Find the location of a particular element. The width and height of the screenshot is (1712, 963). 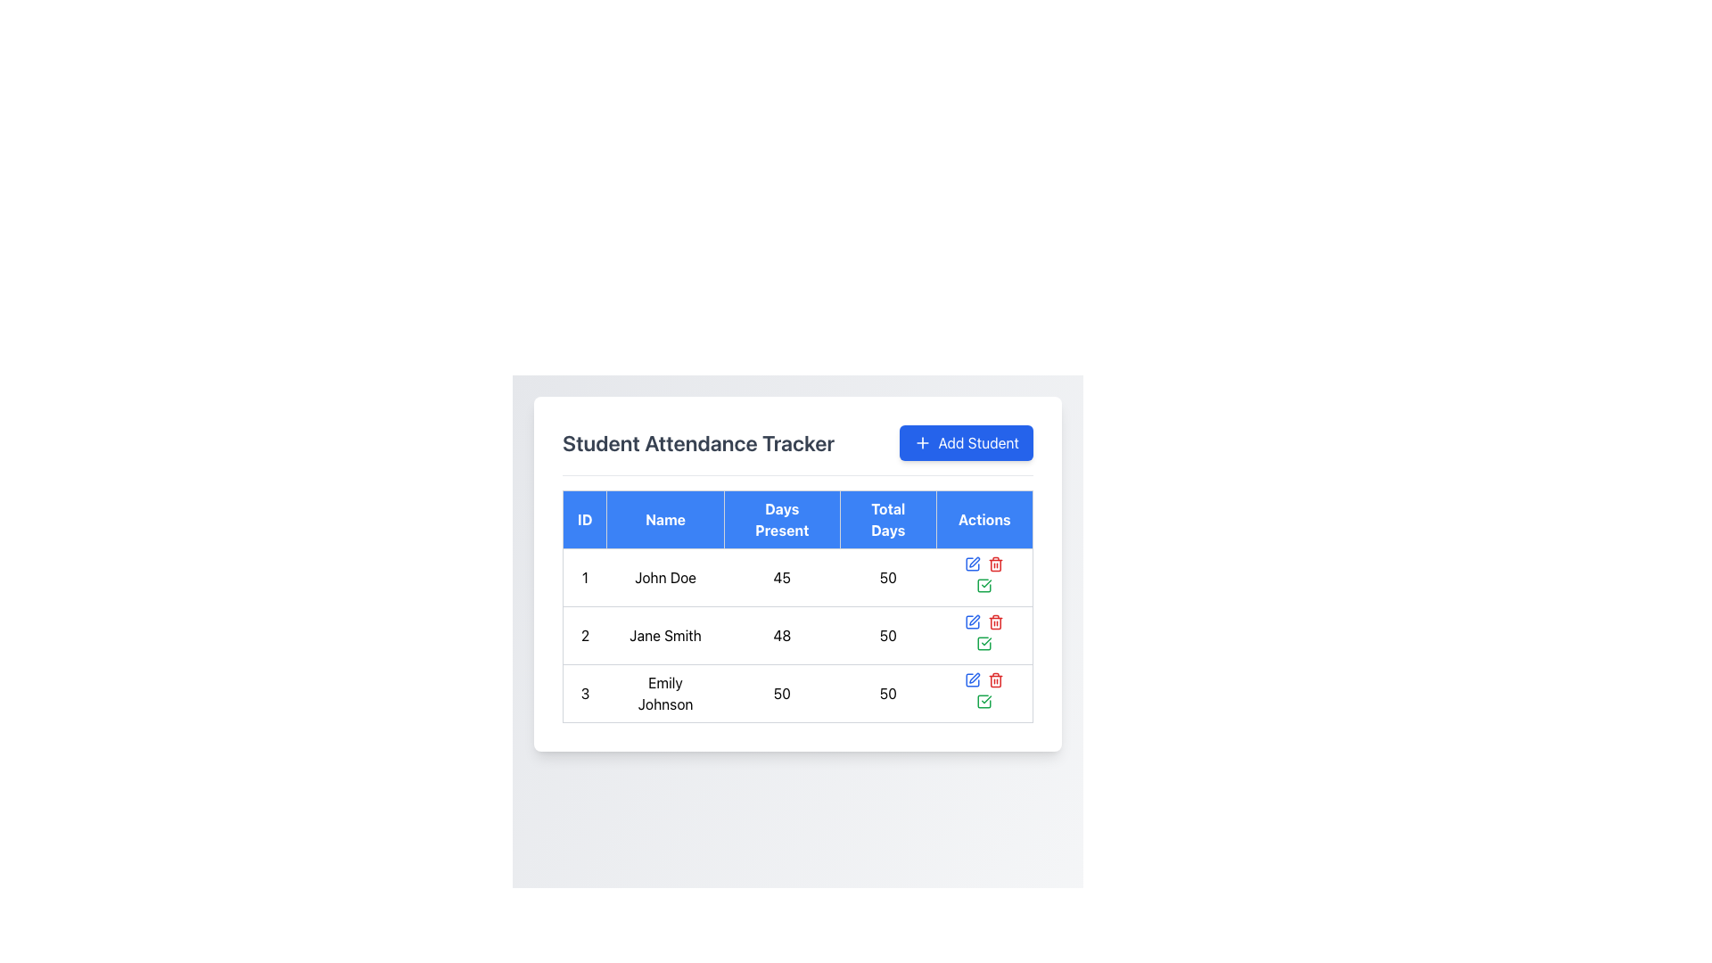

the confirmation icon in the 'Actions' column of the table row for 'Jane Smith' is located at coordinates (984, 643).